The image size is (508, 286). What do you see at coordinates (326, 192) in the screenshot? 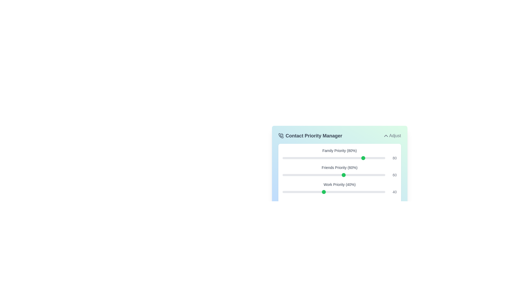
I see `the 'Work' priority slider to 43%` at bounding box center [326, 192].